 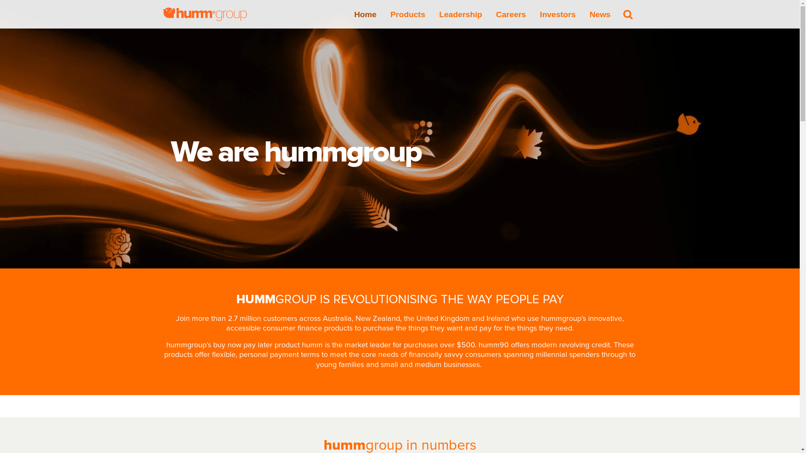 I want to click on 'Products', so click(x=408, y=14).